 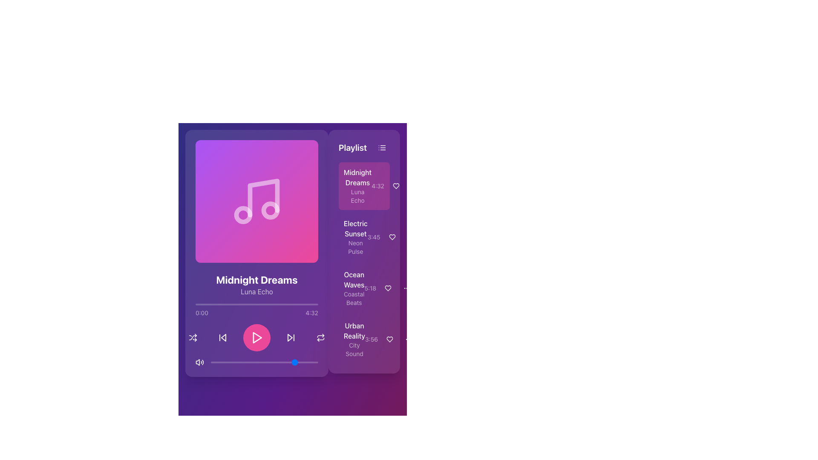 What do you see at coordinates (242, 304) in the screenshot?
I see `playback position` at bounding box center [242, 304].